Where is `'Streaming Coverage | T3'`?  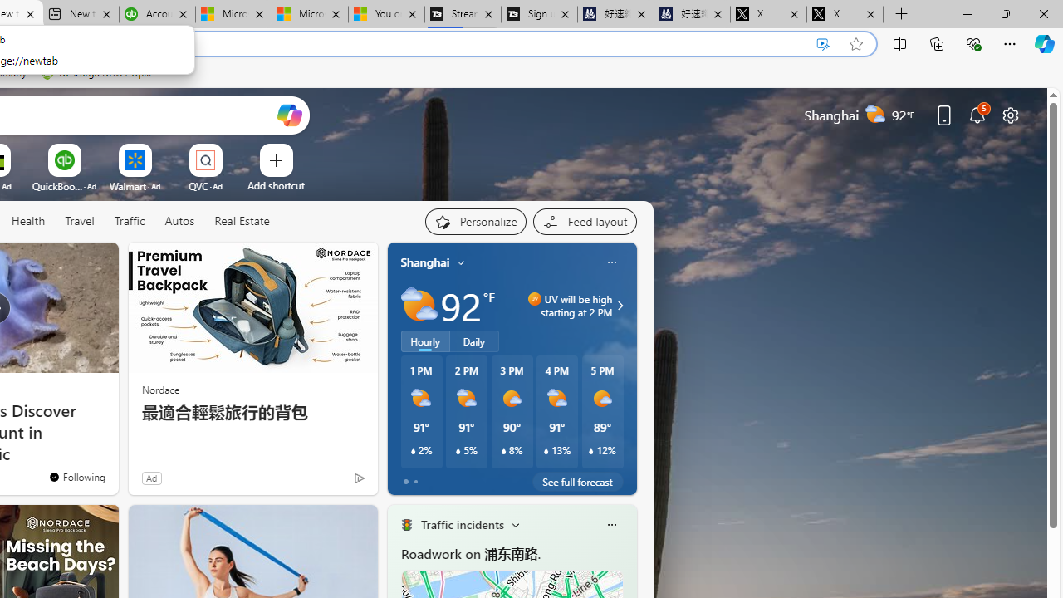
'Streaming Coverage | T3' is located at coordinates (463, 14).